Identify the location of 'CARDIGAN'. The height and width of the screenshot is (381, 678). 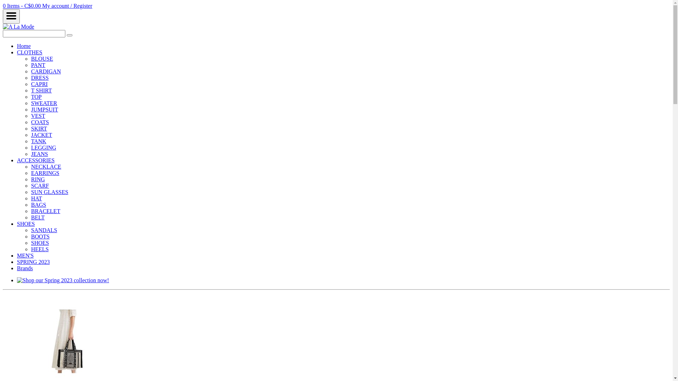
(45, 71).